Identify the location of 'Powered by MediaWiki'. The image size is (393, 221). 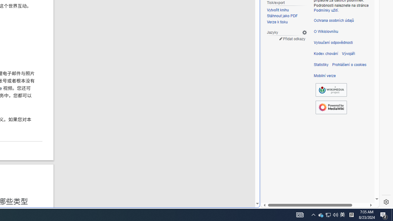
(331, 107).